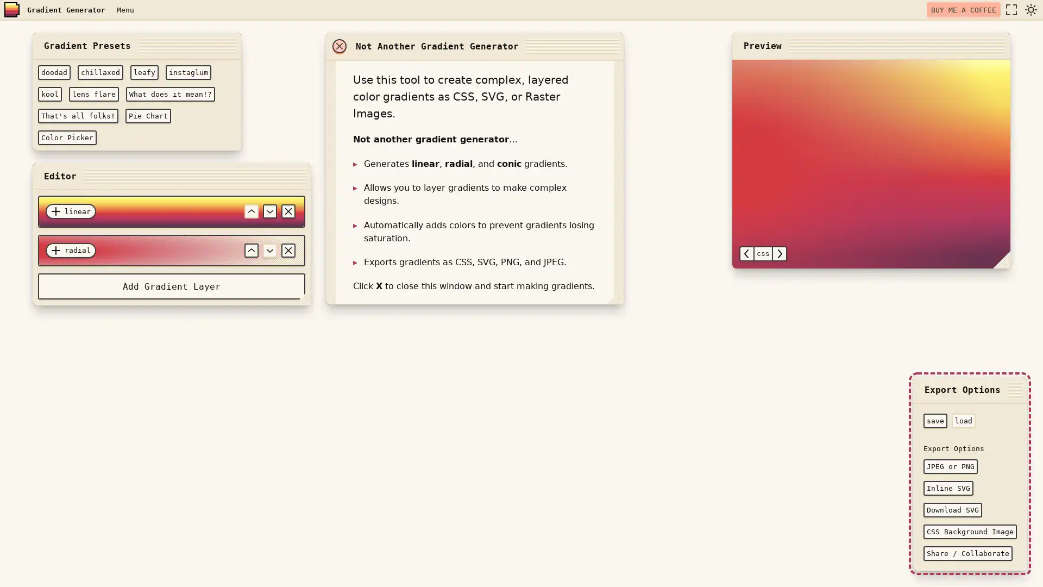  What do you see at coordinates (745, 253) in the screenshot?
I see `select previous option` at bounding box center [745, 253].